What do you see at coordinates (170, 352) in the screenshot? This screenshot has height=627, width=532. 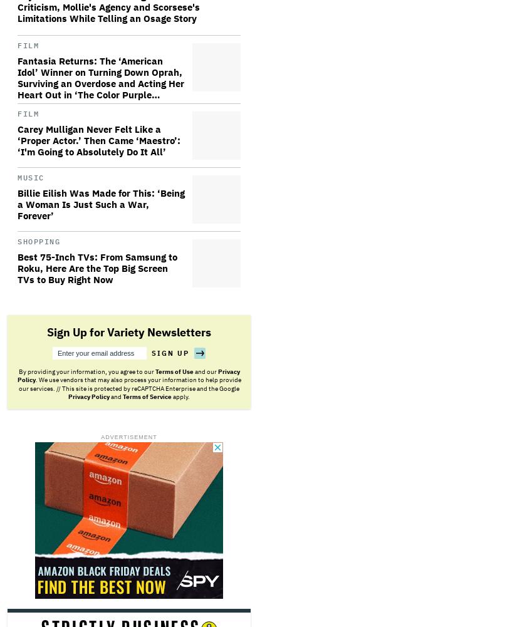 I see `'Sign Up'` at bounding box center [170, 352].